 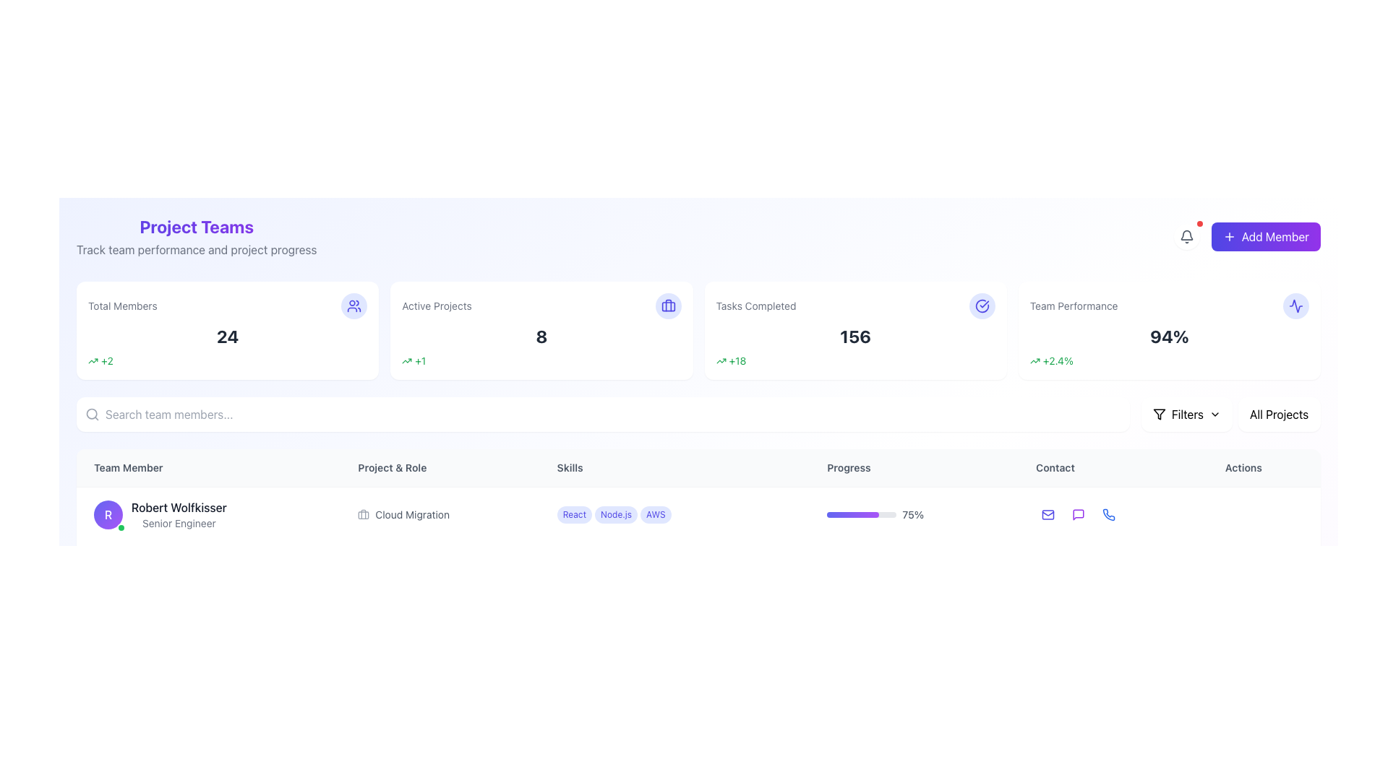 What do you see at coordinates (1169, 337) in the screenshot?
I see `text displayed in the 'Team Performance' card, which shows the performance metric percentage` at bounding box center [1169, 337].